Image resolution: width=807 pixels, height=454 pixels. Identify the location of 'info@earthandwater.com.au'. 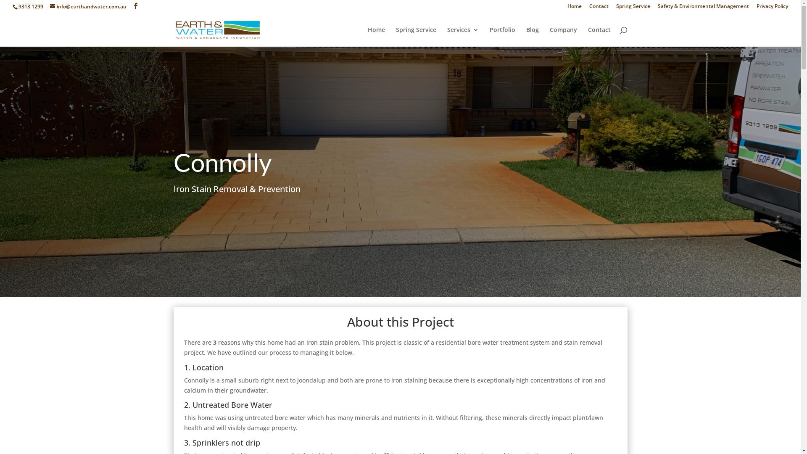
(50, 6).